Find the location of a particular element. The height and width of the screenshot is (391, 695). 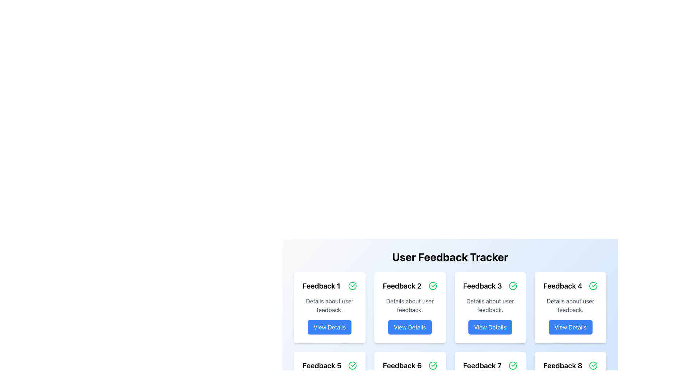

the 'Feedback 6' text and green checkmark icon element located in the bottom row of the grid layout, specifically the second card from the left is located at coordinates (410, 366).